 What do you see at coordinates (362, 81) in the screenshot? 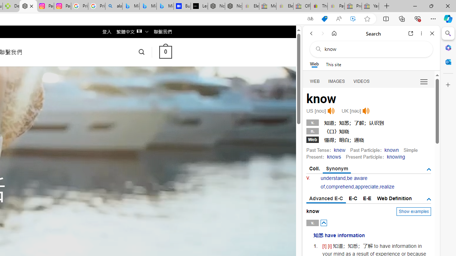
I see `'Search Filter, VIDEOS'` at bounding box center [362, 81].